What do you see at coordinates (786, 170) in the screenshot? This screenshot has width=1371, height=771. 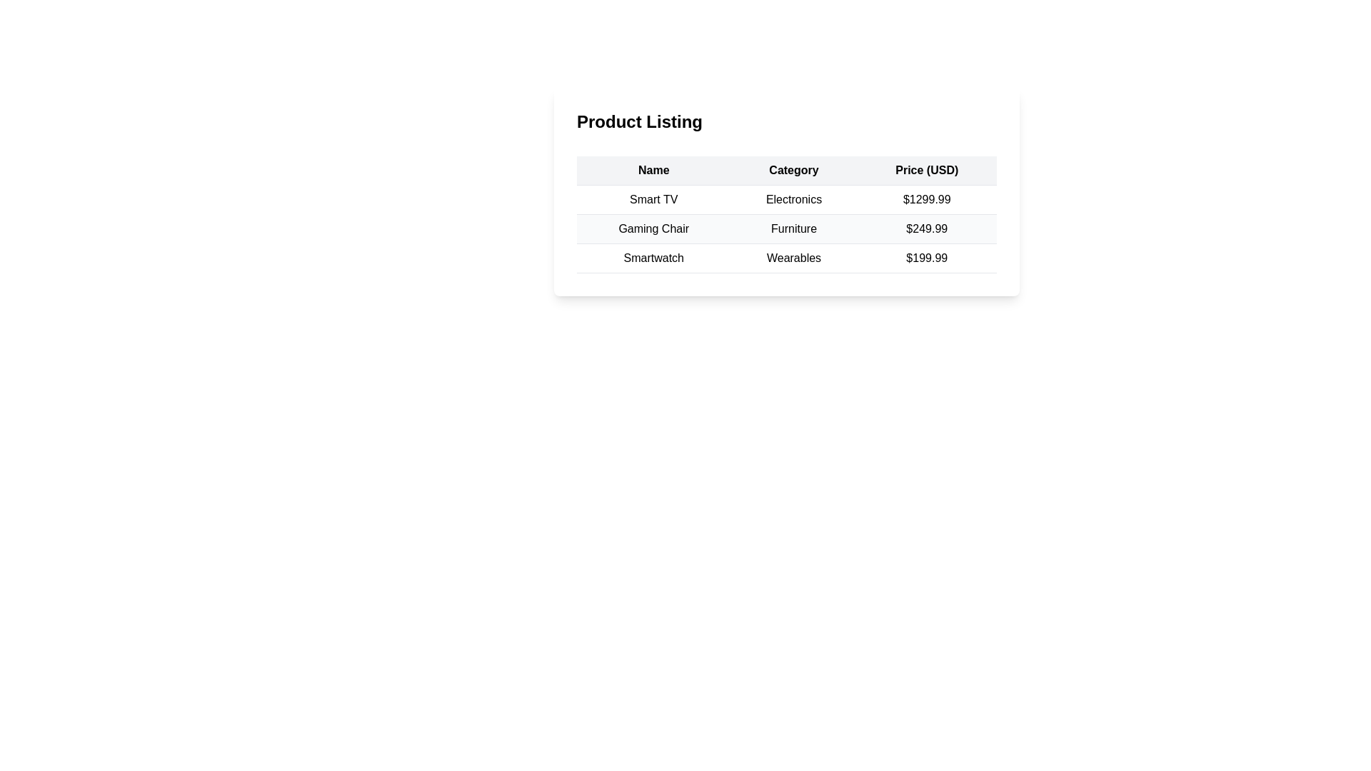 I see `column titles from the Table Header Row, which contains 'Name,' 'Category,' and 'Price (USD),' located under the 'Product Listing' title` at bounding box center [786, 170].